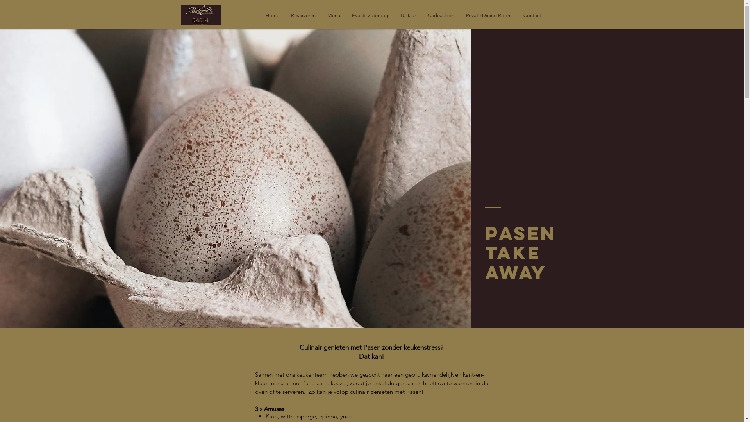  I want to click on 'Private Dining Room', so click(488, 15).